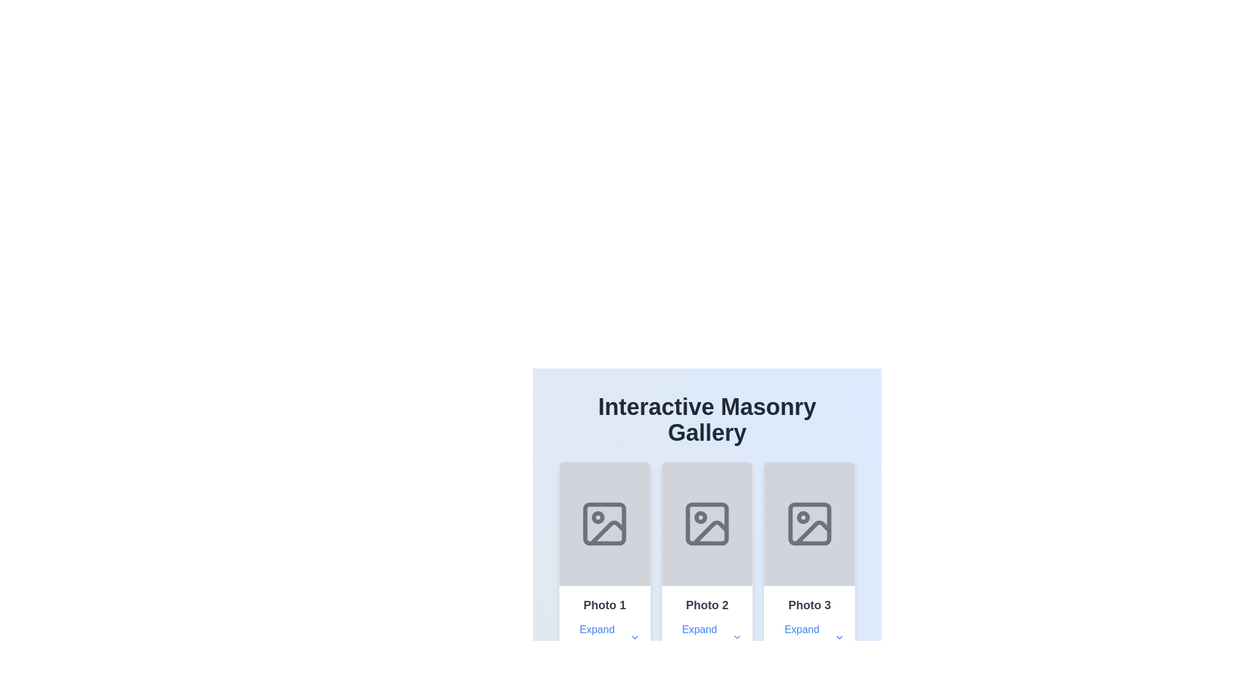 This screenshot has width=1239, height=697. What do you see at coordinates (706, 524) in the screenshot?
I see `the image icon representing 'Photo 2', located below the title 'Interactive Masonry Gallery' and above the 'Photo 2' label` at bounding box center [706, 524].